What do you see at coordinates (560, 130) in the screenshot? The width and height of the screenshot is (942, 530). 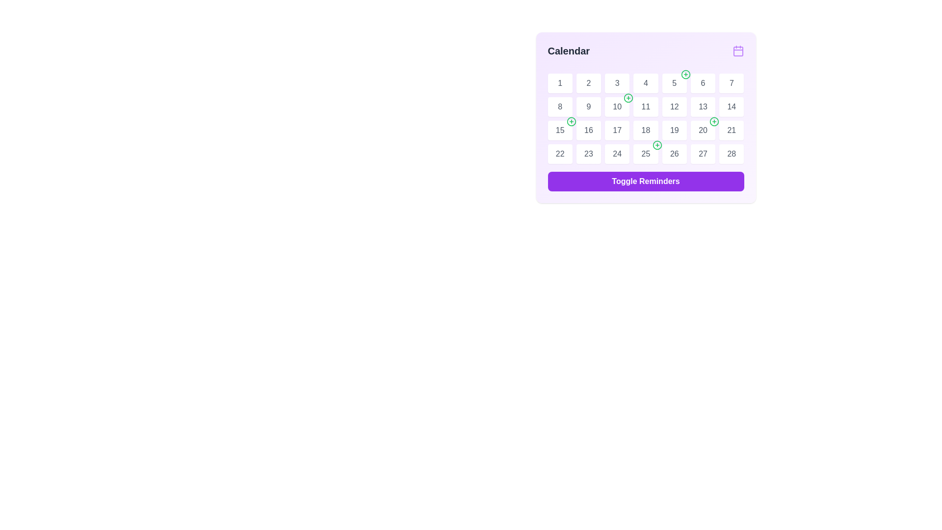 I see `the static text element representing the date '15' in the calendar grid, which is located in the cell for the 15th day of the month` at bounding box center [560, 130].